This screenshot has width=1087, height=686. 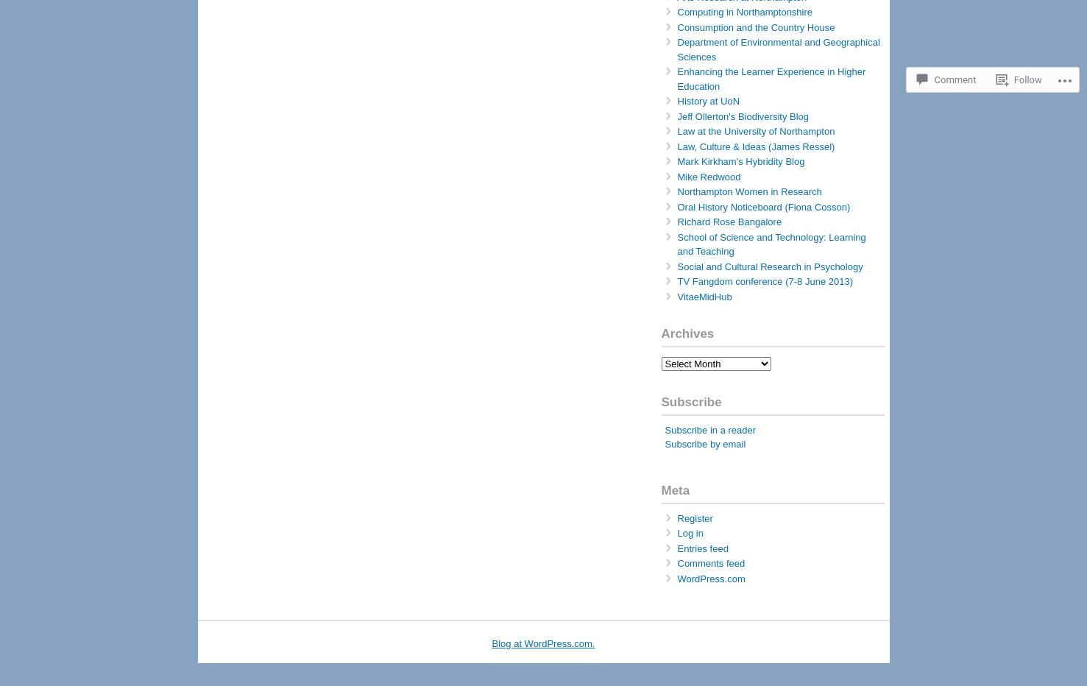 What do you see at coordinates (707, 100) in the screenshot?
I see `'History at UoN'` at bounding box center [707, 100].